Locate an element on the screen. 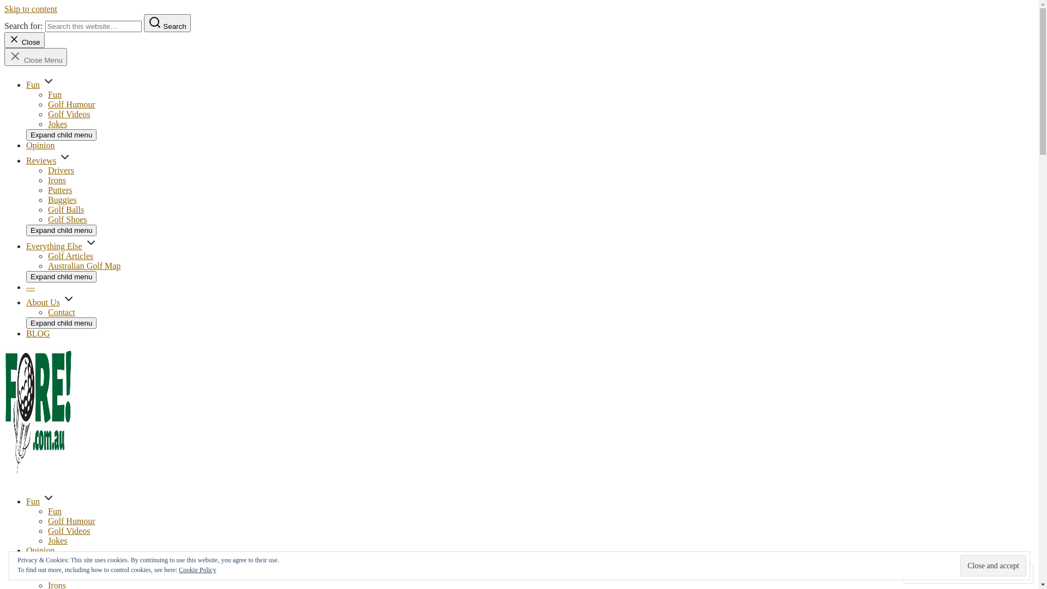 This screenshot has width=1047, height=589. 'Buggies' is located at coordinates (62, 200).